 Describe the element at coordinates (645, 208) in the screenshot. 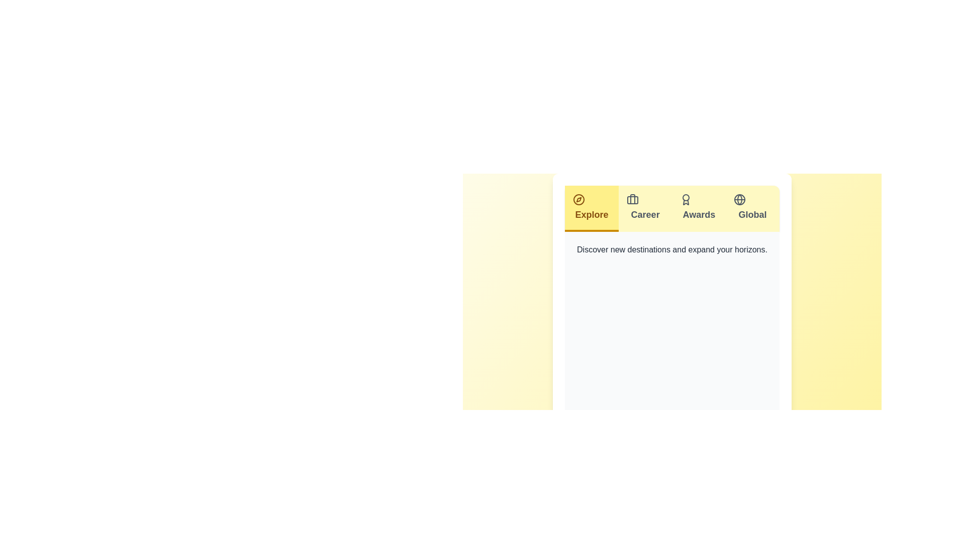

I see `the tab labeled Career to view its content` at that location.